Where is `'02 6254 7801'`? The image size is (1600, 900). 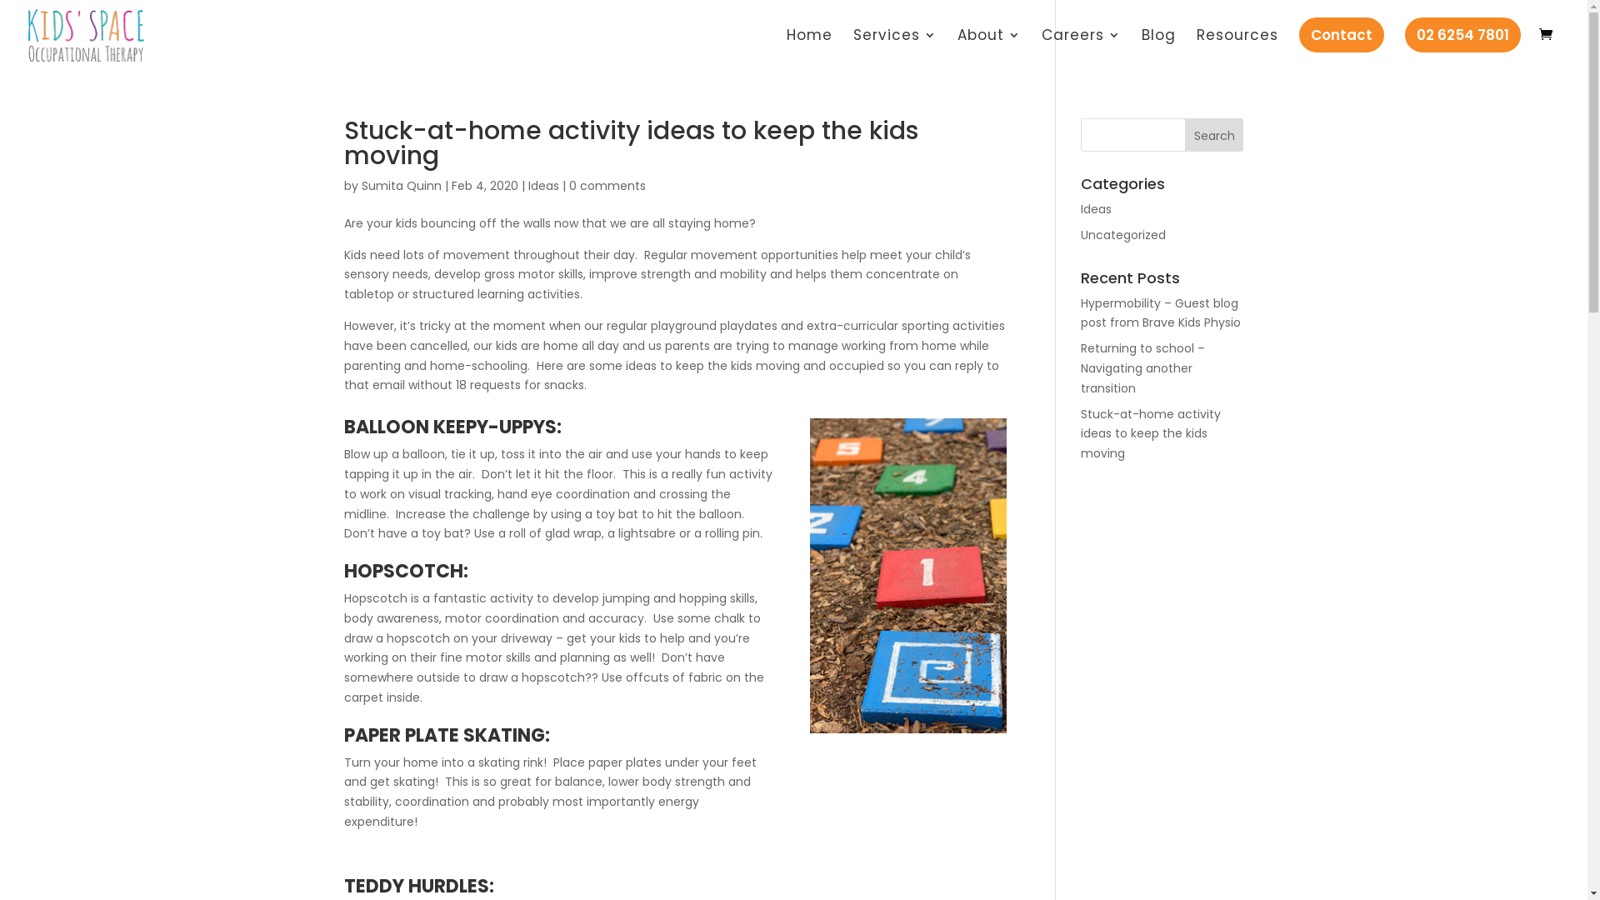
'02 6254 7801' is located at coordinates (1414, 42).